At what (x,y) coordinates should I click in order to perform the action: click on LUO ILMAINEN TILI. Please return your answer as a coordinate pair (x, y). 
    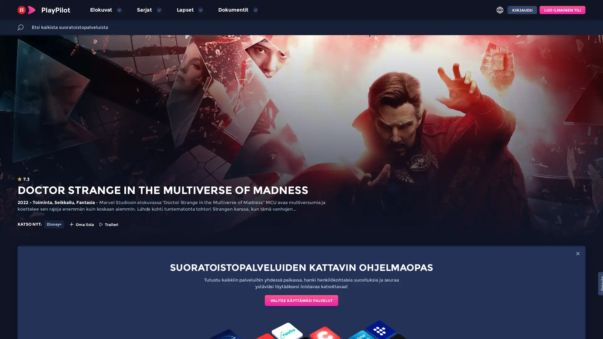
    Looking at the image, I should click on (562, 10).